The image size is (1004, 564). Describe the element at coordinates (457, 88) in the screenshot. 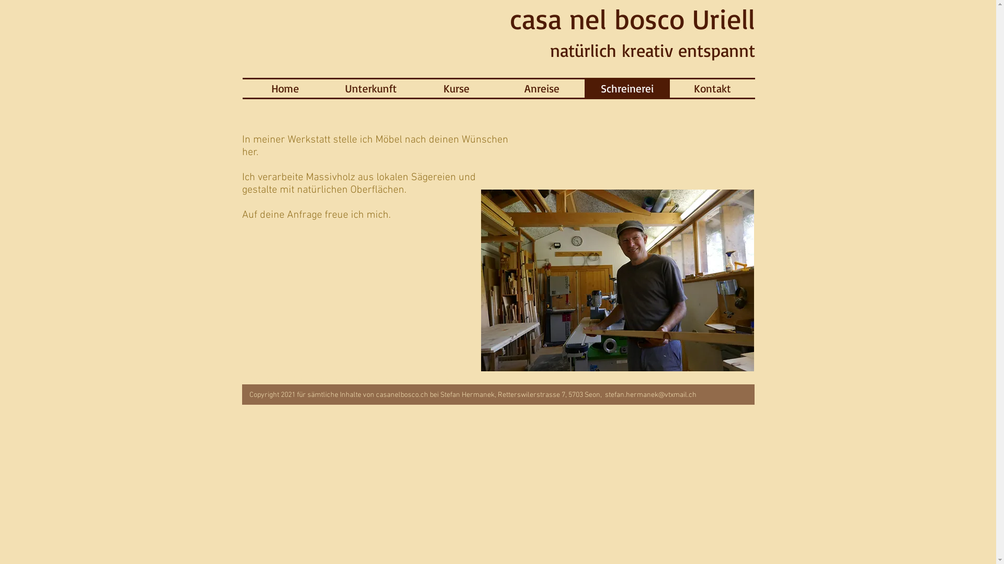

I see `'Kurse'` at that location.